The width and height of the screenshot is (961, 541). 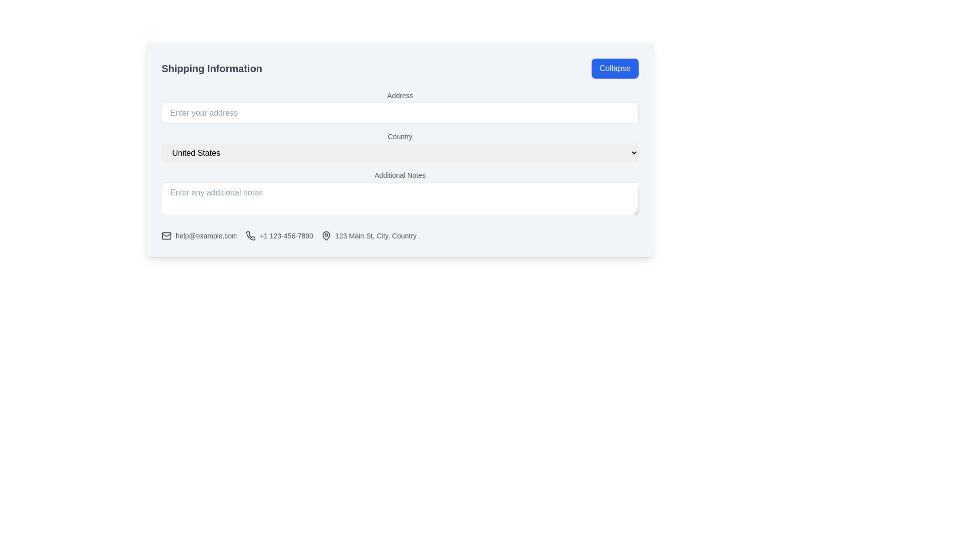 I want to click on the location icon that indicates '123 Main St, City, Country', located towards the bottom-right of the interface, next to the phone and email icons, so click(x=326, y=235).